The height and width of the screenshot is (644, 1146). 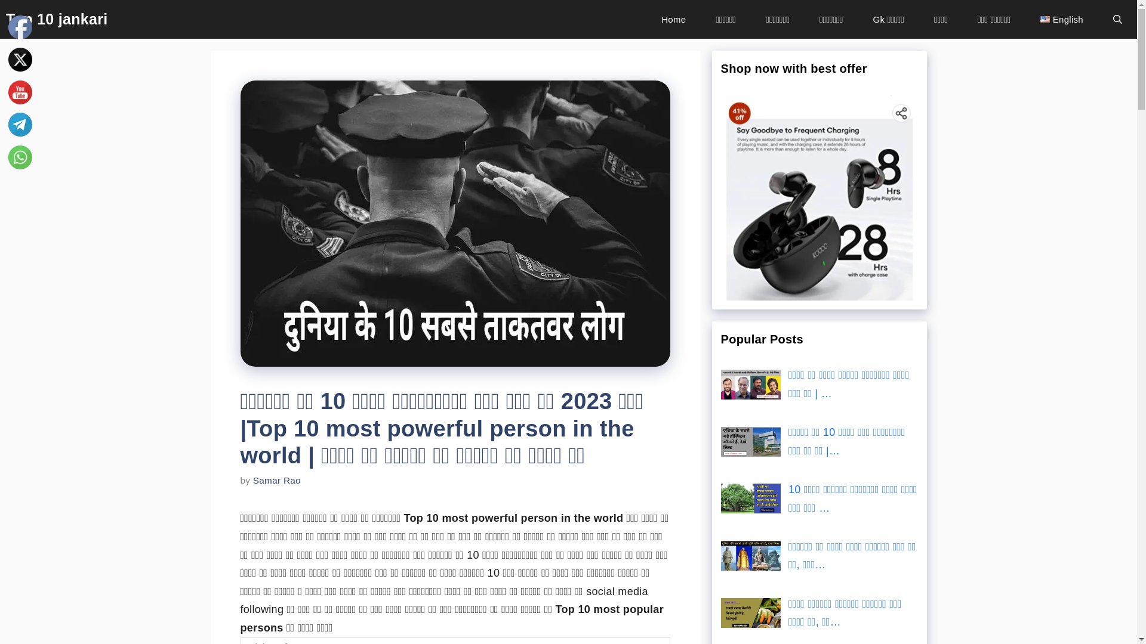 What do you see at coordinates (276, 479) in the screenshot?
I see `'Samar Rao'` at bounding box center [276, 479].